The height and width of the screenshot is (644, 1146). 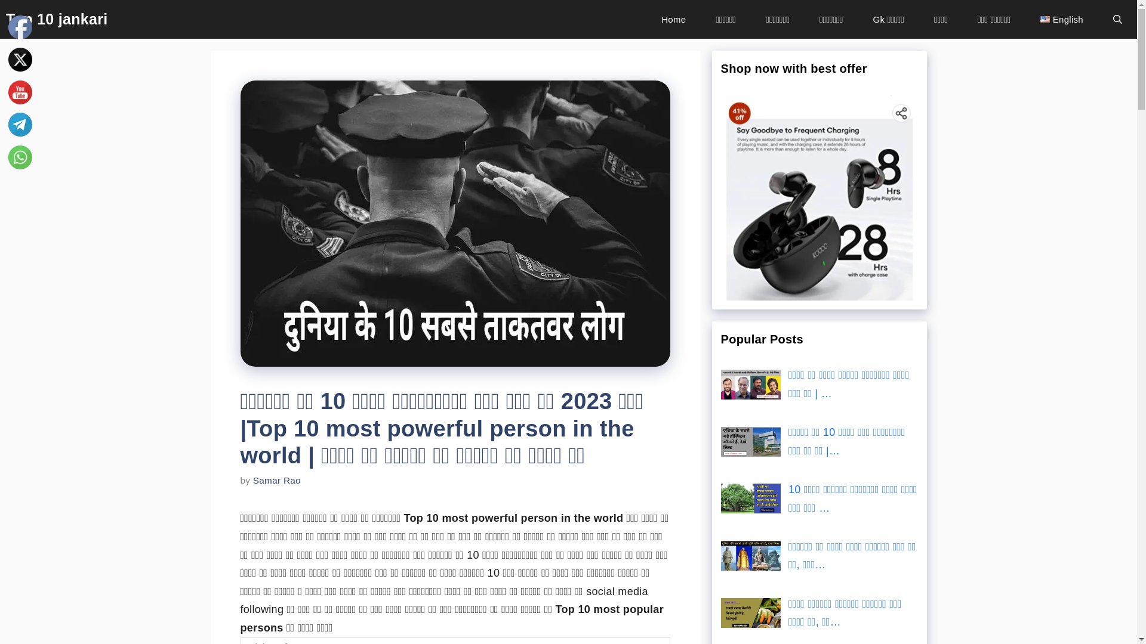 What do you see at coordinates (276, 479) in the screenshot?
I see `'Samar Rao'` at bounding box center [276, 479].